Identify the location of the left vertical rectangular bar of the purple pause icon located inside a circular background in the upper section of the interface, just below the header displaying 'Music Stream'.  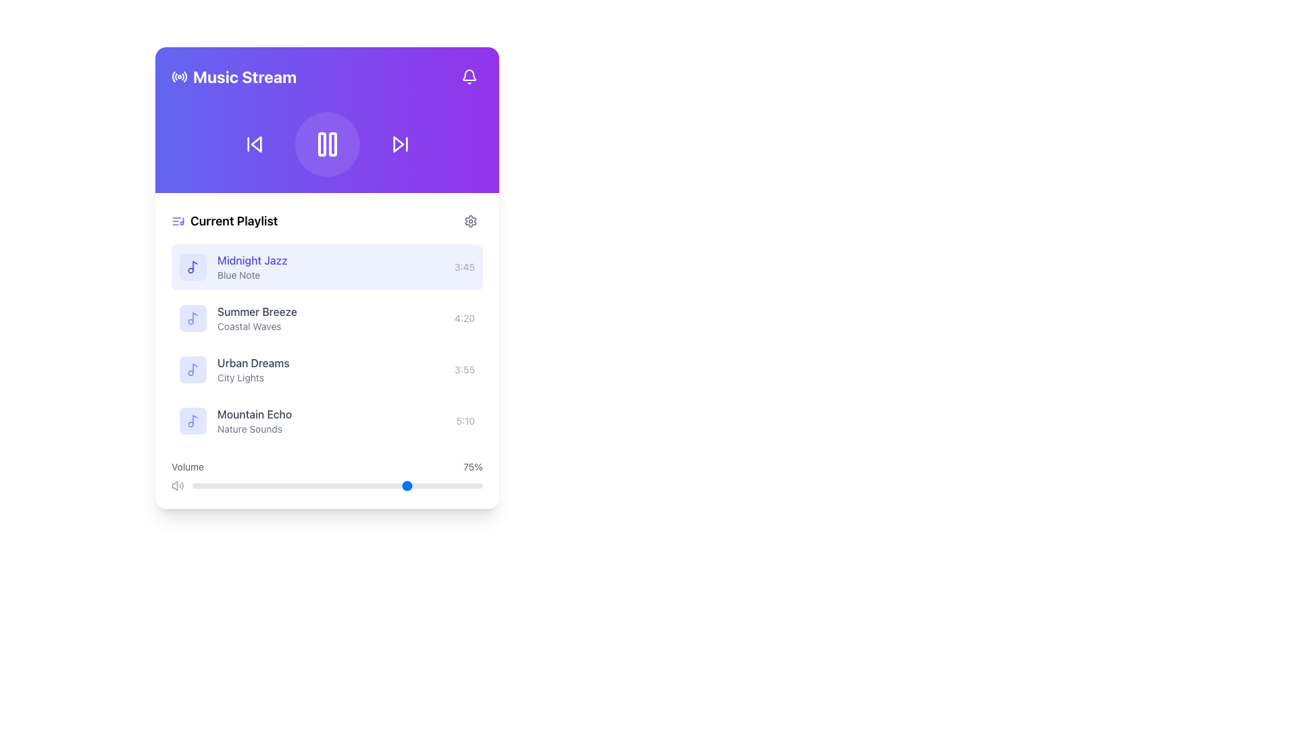
(321, 144).